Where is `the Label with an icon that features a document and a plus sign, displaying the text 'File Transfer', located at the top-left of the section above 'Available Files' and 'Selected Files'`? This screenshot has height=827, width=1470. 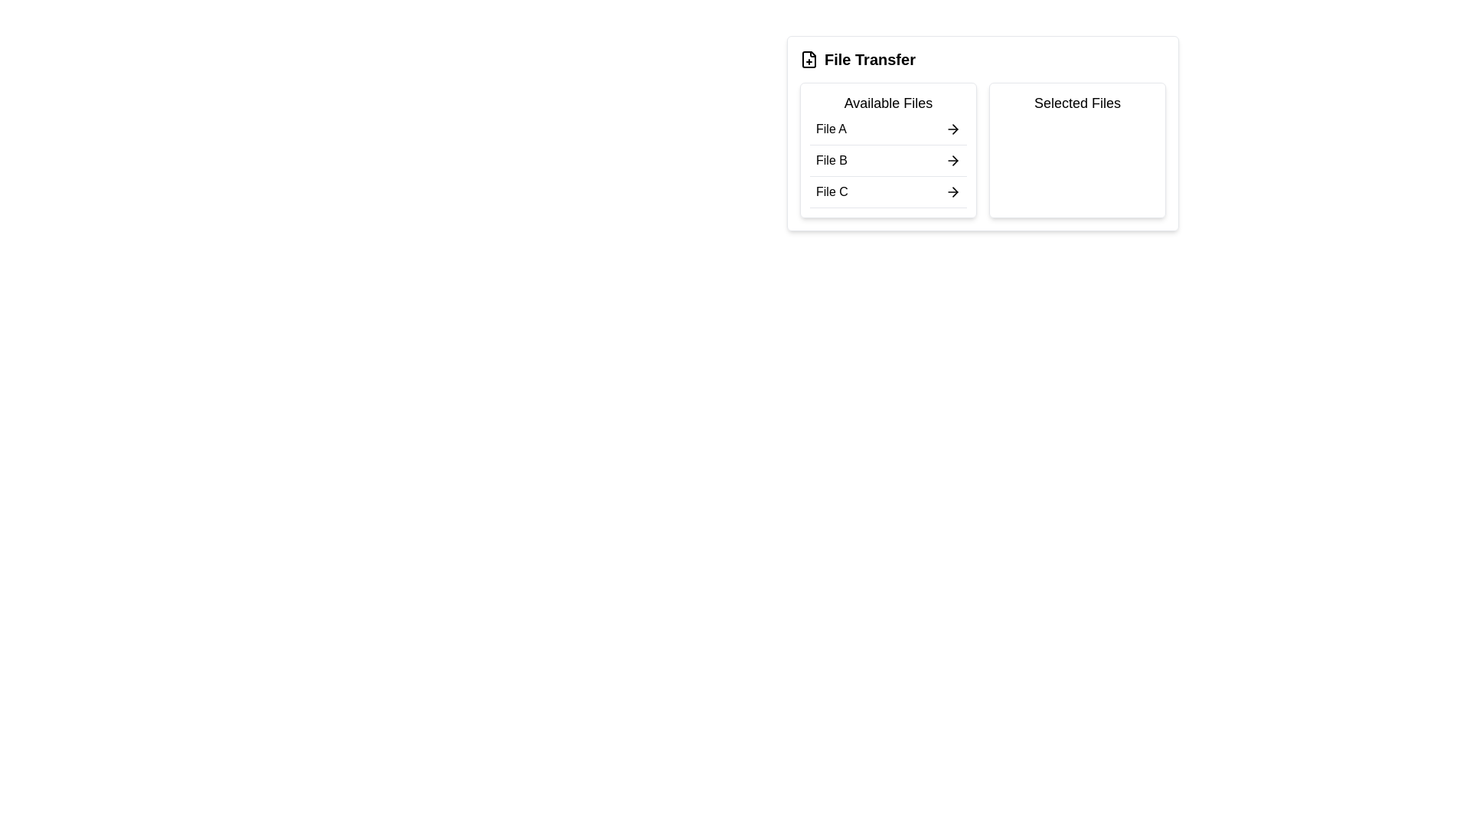
the Label with an icon that features a document and a plus sign, displaying the text 'File Transfer', located at the top-left of the section above 'Available Files' and 'Selected Files' is located at coordinates (857, 58).